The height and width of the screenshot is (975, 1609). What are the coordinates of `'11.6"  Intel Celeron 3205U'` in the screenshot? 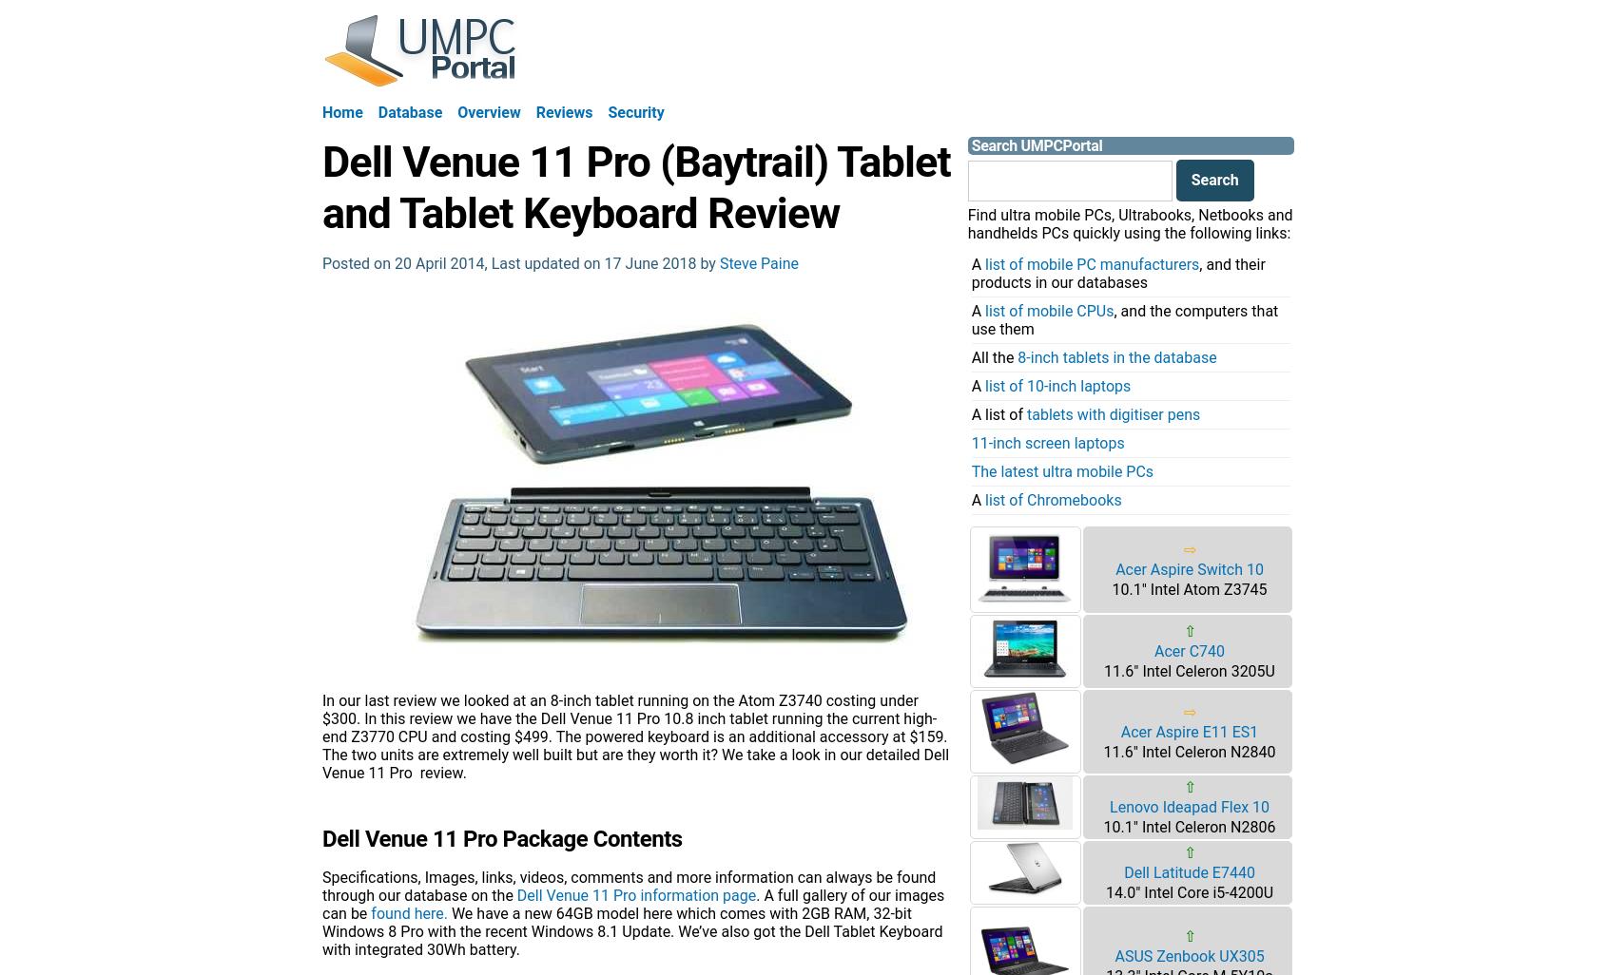 It's located at (1103, 670).